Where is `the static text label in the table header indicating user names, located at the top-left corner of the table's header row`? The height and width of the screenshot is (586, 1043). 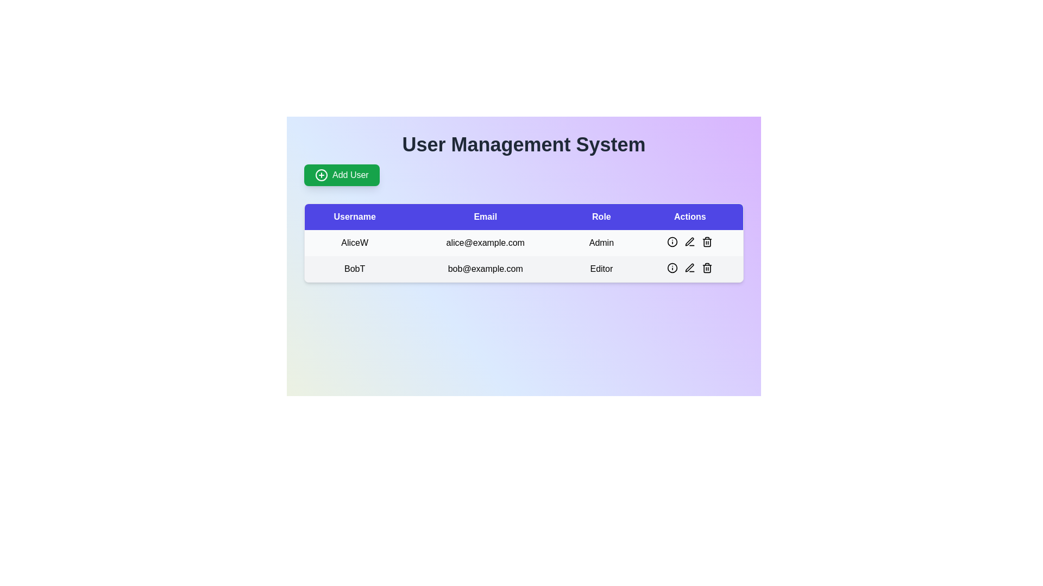
the static text label in the table header indicating user names, located at the top-left corner of the table's header row is located at coordinates (355, 217).